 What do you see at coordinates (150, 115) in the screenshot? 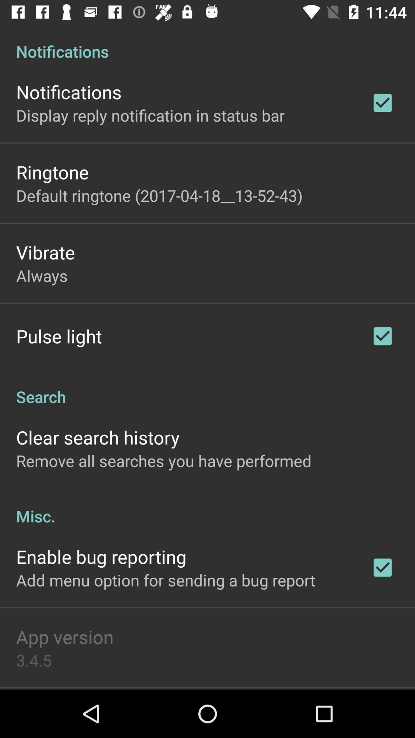
I see `the icon below the notifications icon` at bounding box center [150, 115].